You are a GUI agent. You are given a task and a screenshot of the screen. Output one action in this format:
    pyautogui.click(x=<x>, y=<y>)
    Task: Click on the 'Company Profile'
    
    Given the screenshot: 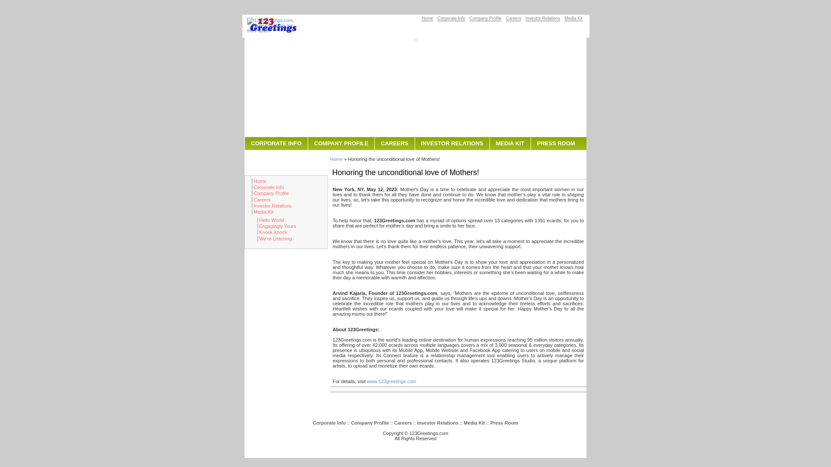 What is the action you would take?
    pyautogui.click(x=270, y=193)
    